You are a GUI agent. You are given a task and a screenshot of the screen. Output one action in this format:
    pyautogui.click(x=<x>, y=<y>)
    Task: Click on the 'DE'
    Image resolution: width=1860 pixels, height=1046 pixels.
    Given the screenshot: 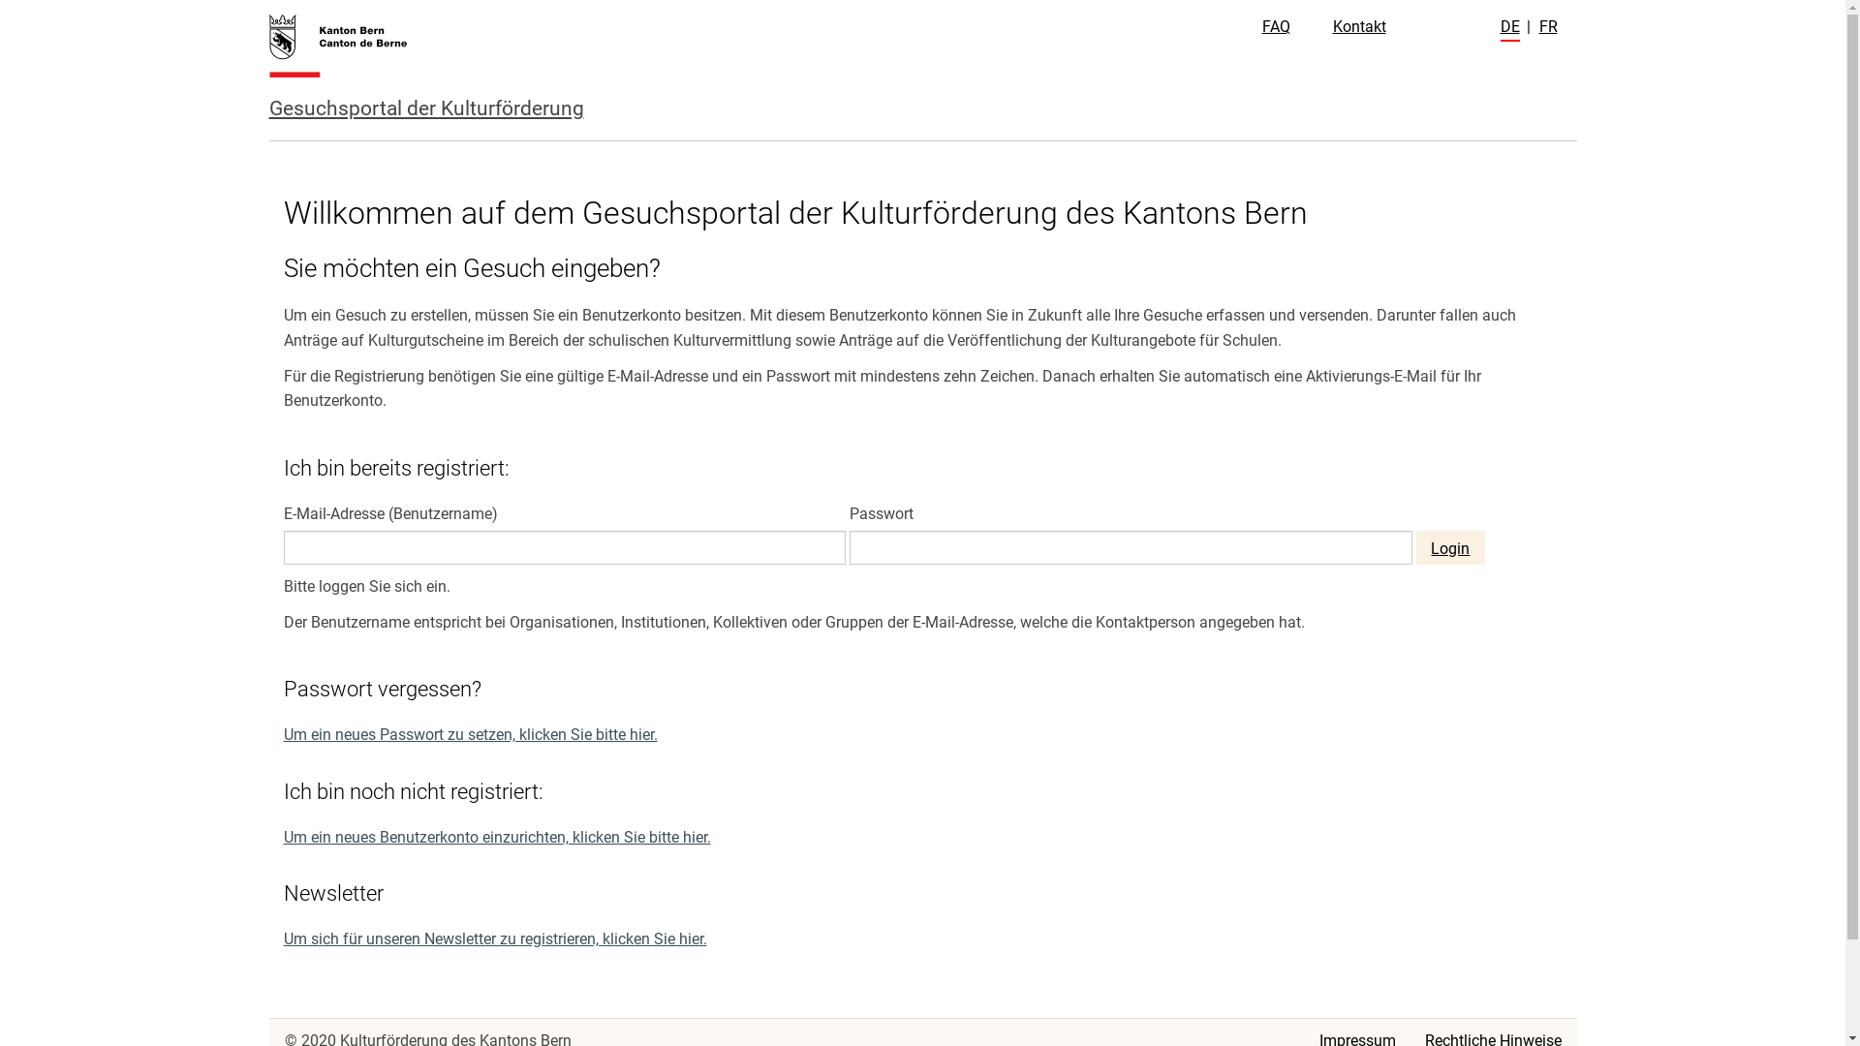 What is the action you would take?
    pyautogui.click(x=1508, y=28)
    